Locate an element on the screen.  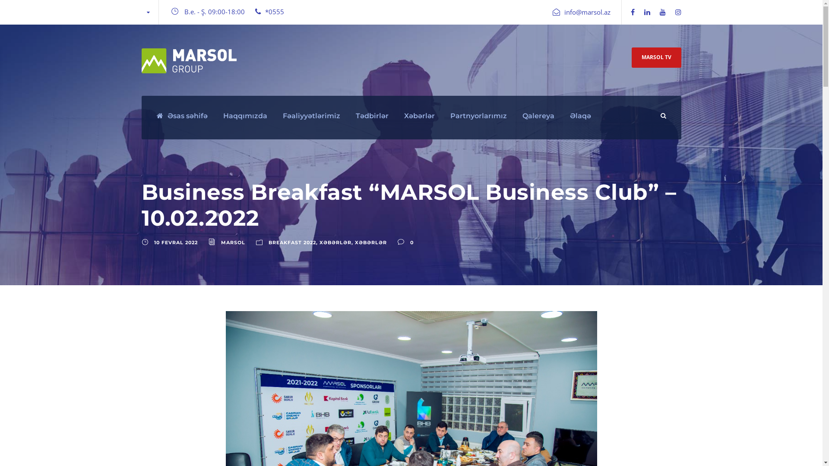
'MARSOL' is located at coordinates (233, 242).